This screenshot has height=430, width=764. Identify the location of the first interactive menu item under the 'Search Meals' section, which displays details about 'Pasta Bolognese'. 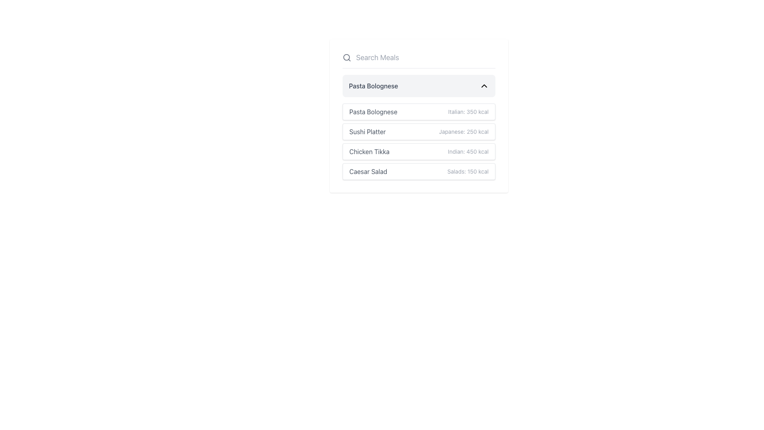
(418, 112).